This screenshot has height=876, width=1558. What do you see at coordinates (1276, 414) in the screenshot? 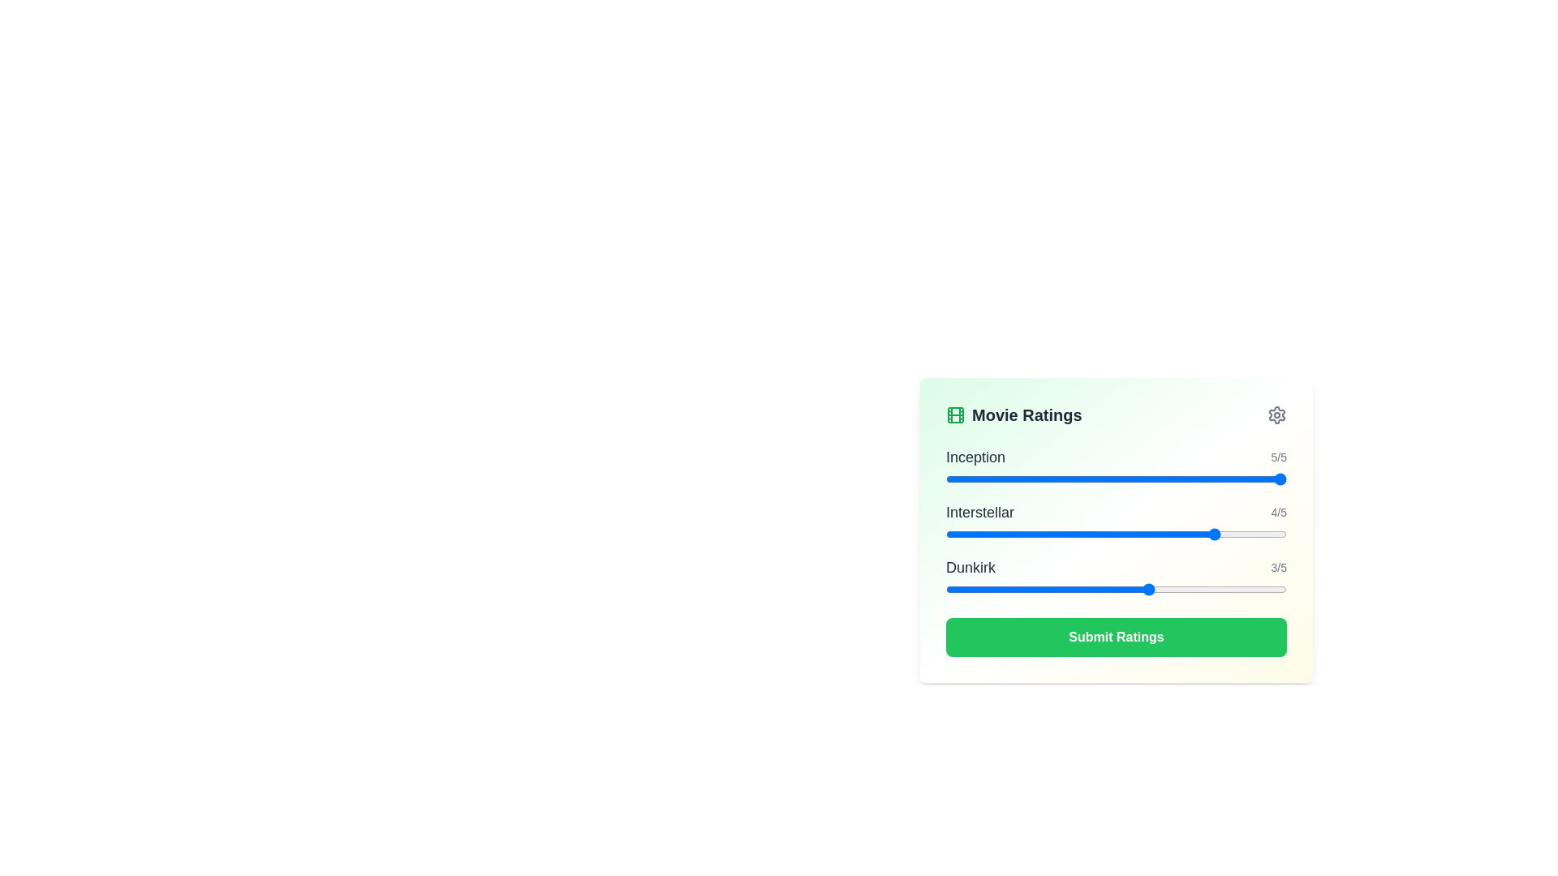
I see `the settings icon in the header section of the 'Movie Ratings' card` at bounding box center [1276, 414].